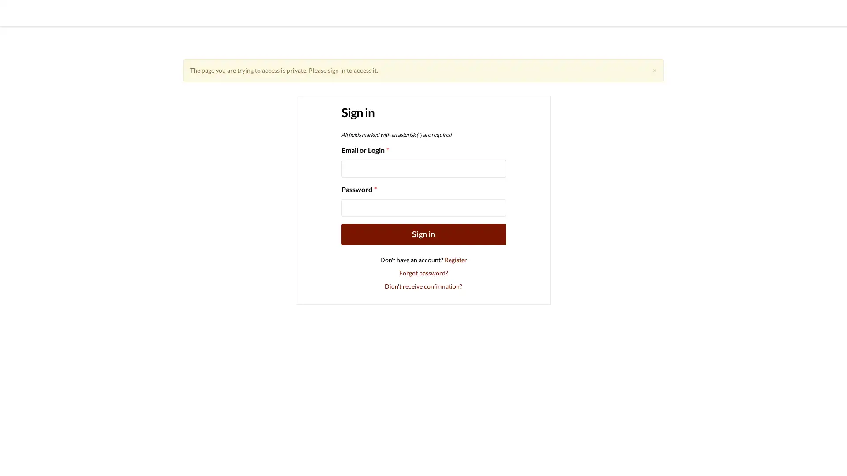 The height and width of the screenshot is (476, 847). I want to click on Close, so click(654, 69).